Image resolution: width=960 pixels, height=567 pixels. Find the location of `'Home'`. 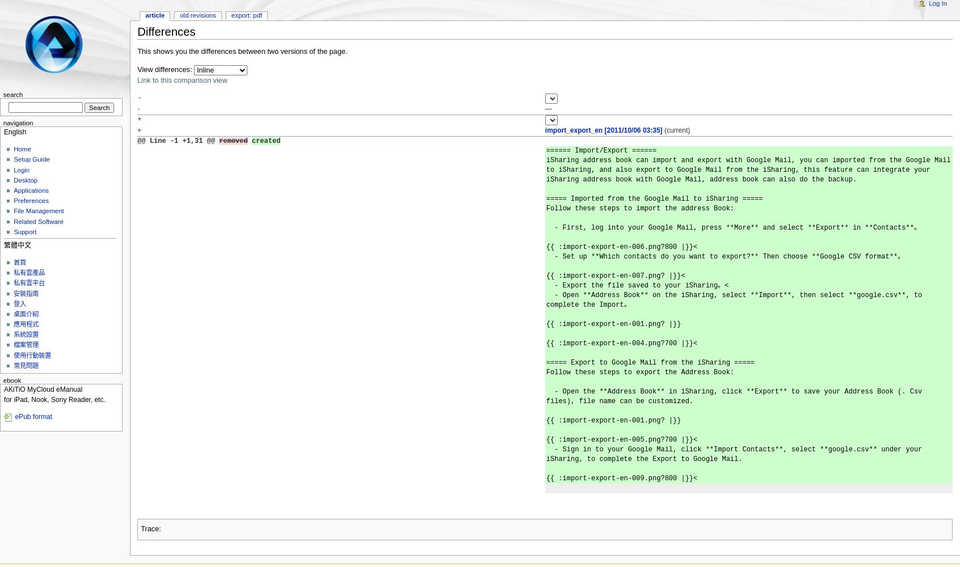

'Home' is located at coordinates (21, 149).